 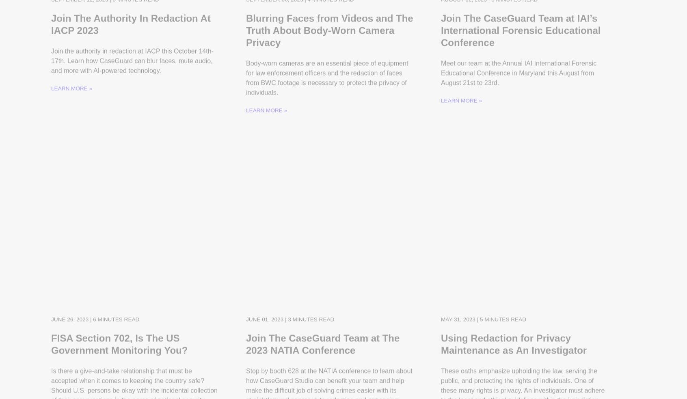 I want to click on 'Join the authority in redaction at IACP this October 14th-17th. Learn how CaseGuard can blur faces, mute audio, and more with AI-powered technology.', so click(x=132, y=75).